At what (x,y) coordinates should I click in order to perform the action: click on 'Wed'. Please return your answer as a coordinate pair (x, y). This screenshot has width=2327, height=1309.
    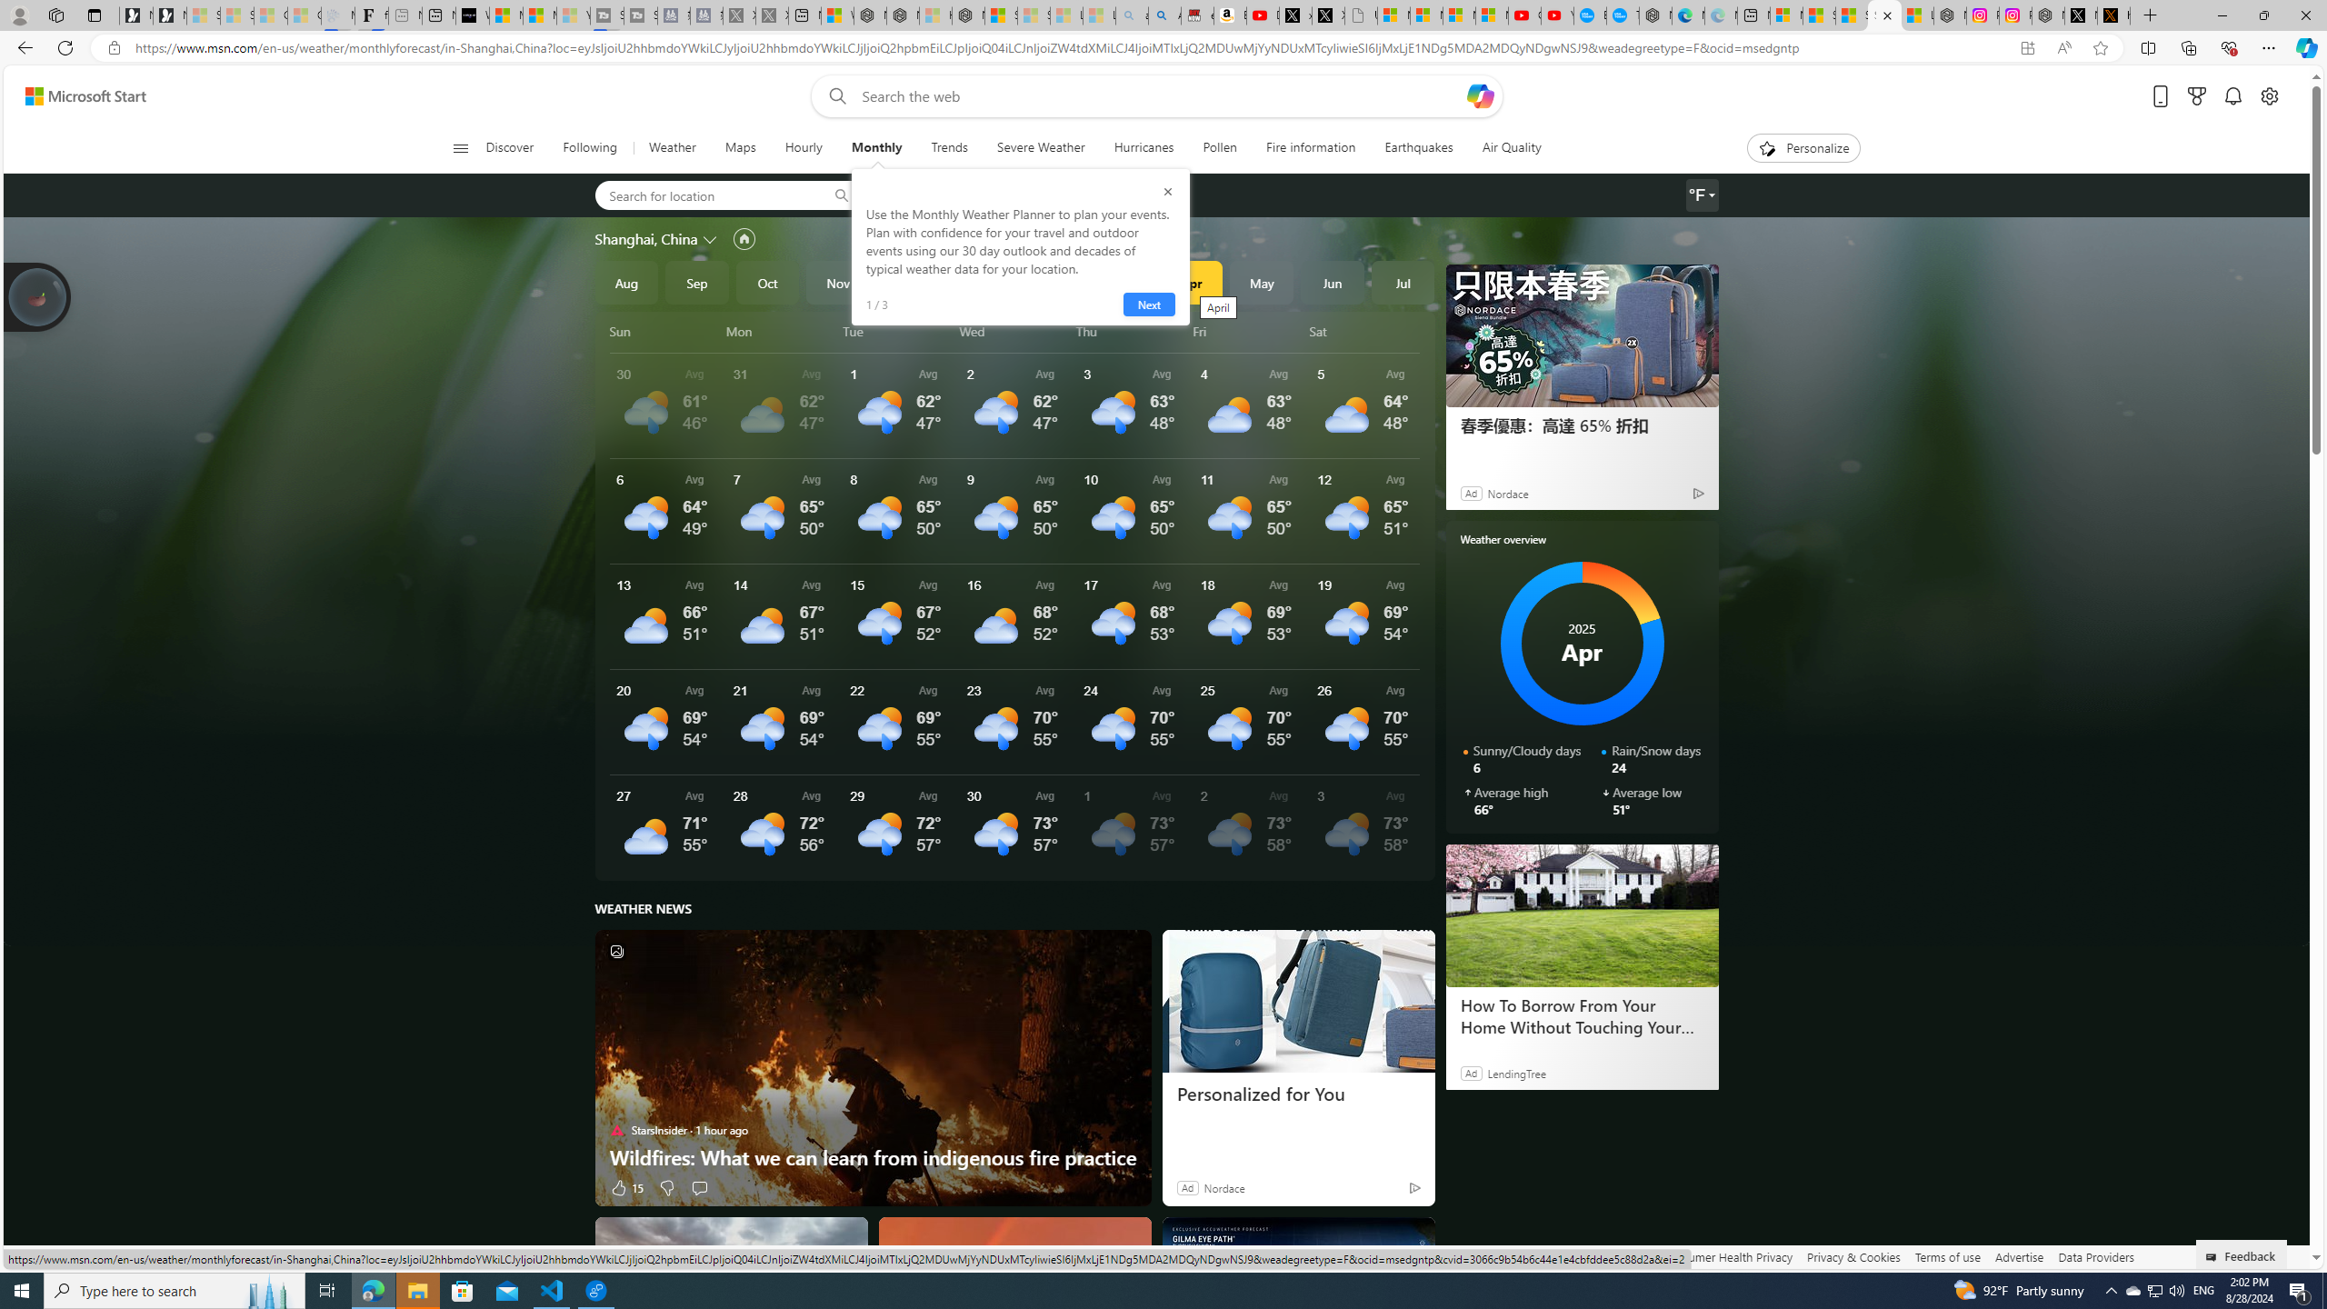
    Looking at the image, I should click on (1014, 331).